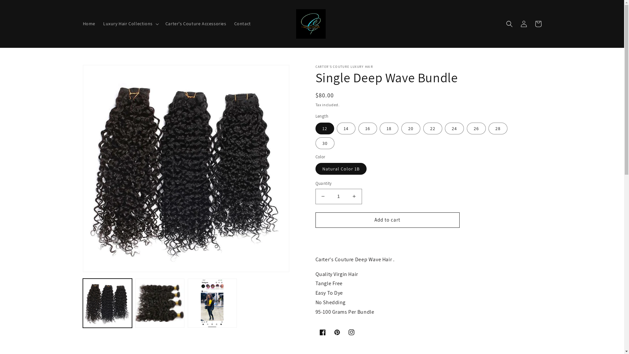 The height and width of the screenshot is (354, 629). Describe the element at coordinates (242, 23) in the screenshot. I see `'Contact'` at that location.